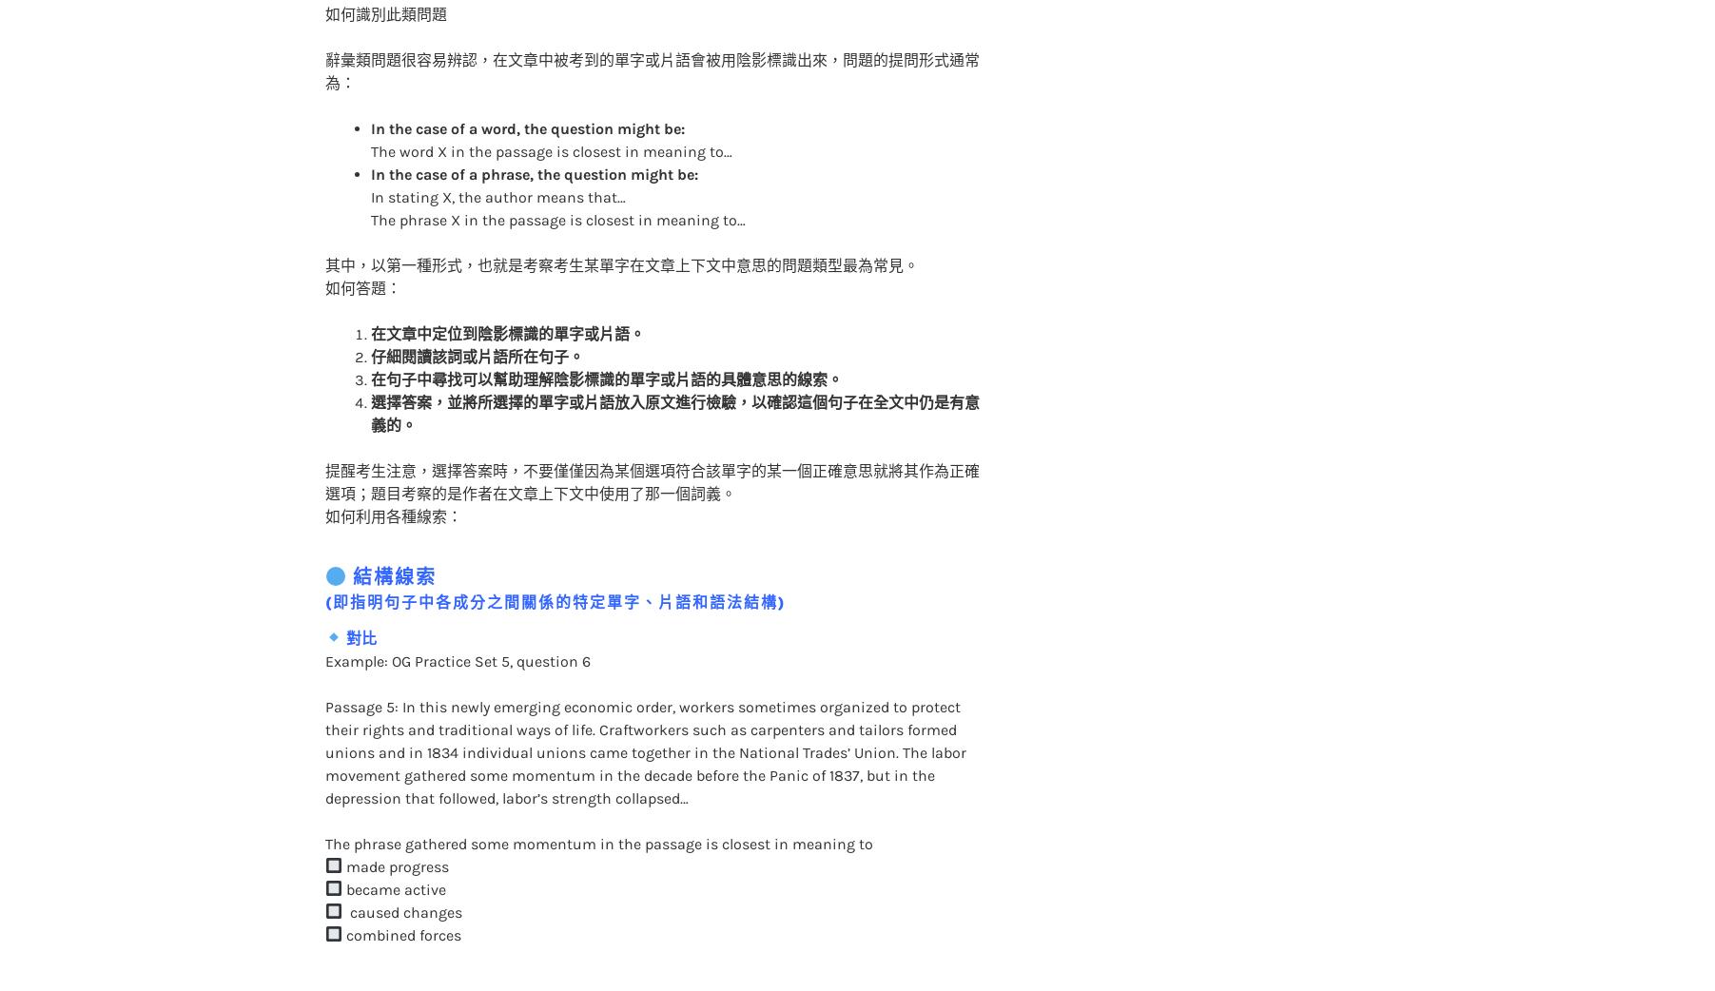 Image resolution: width=1715 pixels, height=991 pixels. I want to click on 'combined forces', so click(400, 895).